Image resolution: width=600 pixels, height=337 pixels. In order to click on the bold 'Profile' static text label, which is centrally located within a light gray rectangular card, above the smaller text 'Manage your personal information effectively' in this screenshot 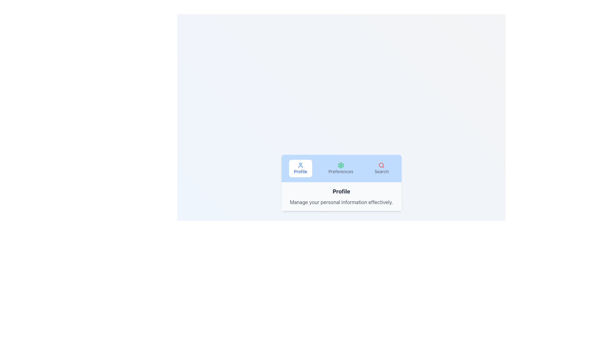, I will do `click(341, 191)`.